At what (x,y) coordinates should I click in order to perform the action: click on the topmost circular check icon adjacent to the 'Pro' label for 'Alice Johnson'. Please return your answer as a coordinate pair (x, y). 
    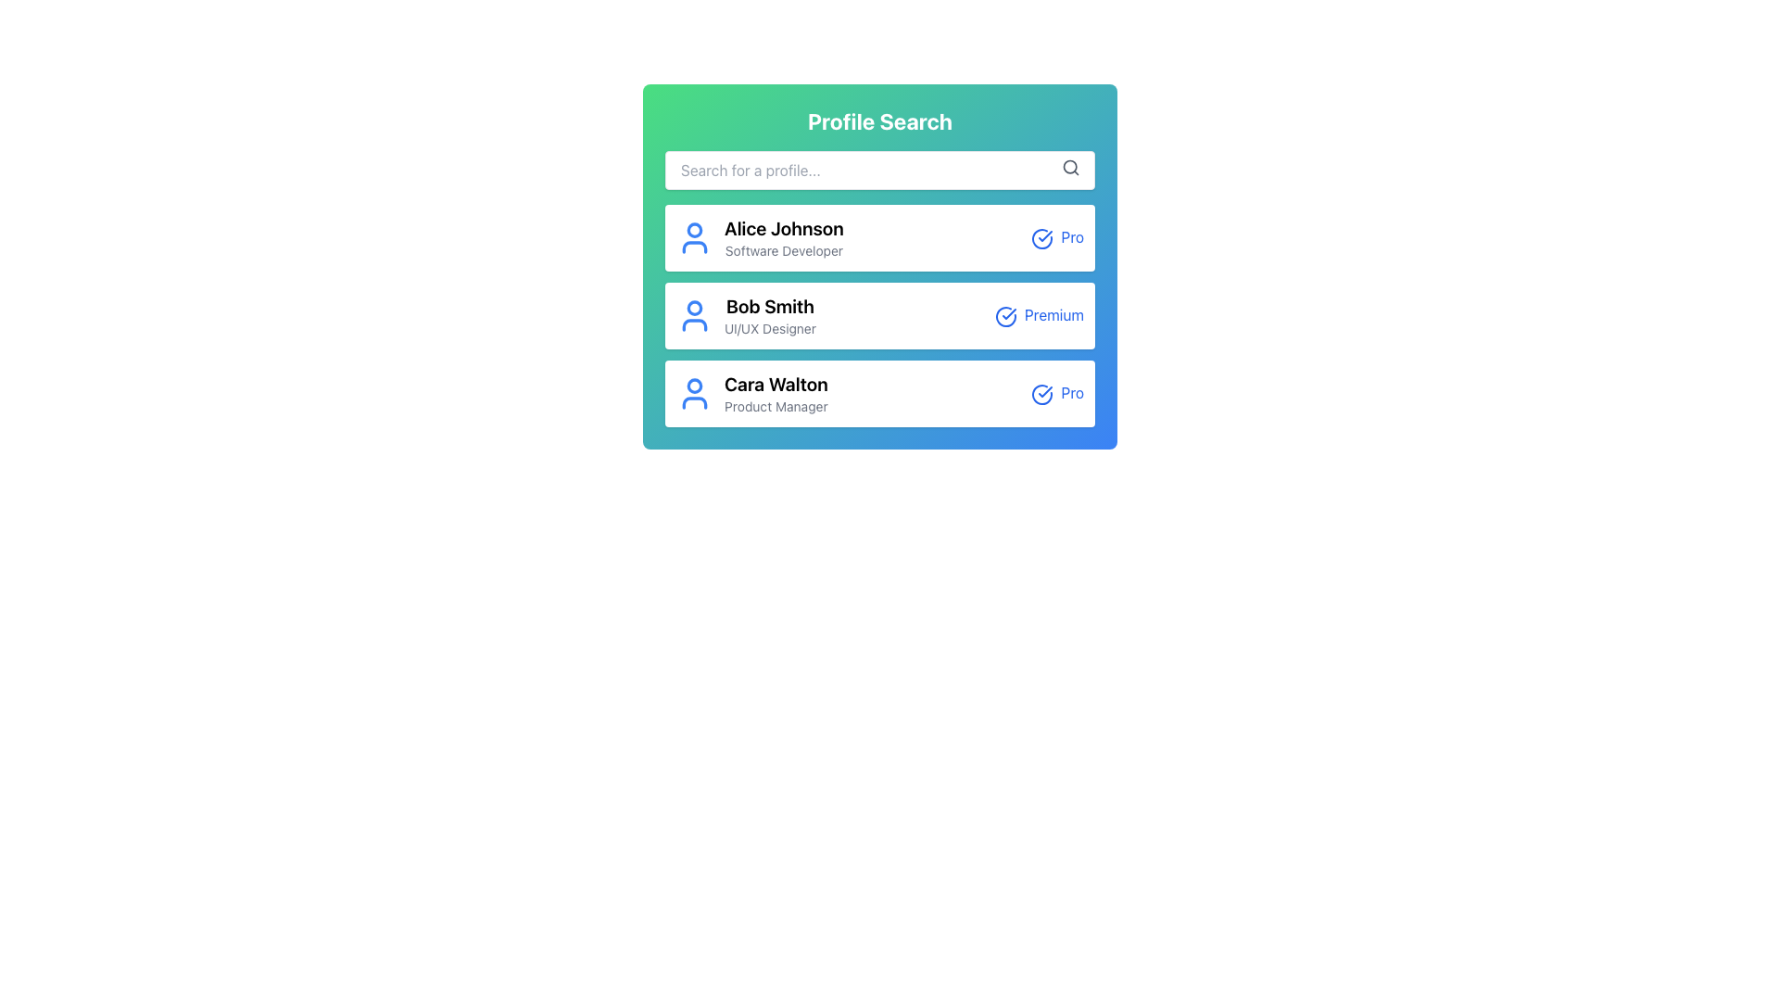
    Looking at the image, I should click on (1041, 237).